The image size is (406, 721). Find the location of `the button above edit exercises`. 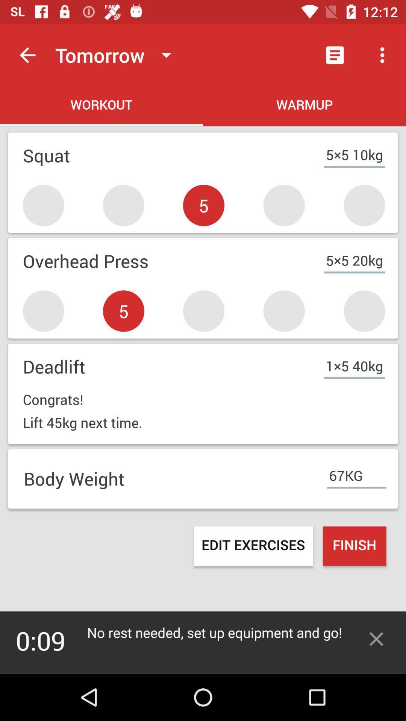

the button above edit exercises is located at coordinates (203, 478).